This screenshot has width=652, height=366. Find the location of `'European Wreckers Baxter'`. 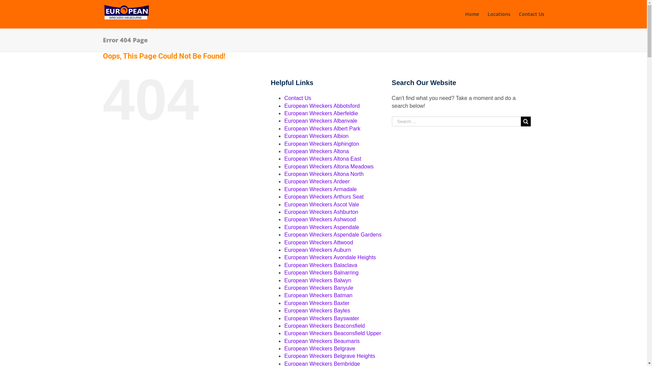

'European Wreckers Baxter' is located at coordinates (284, 303).